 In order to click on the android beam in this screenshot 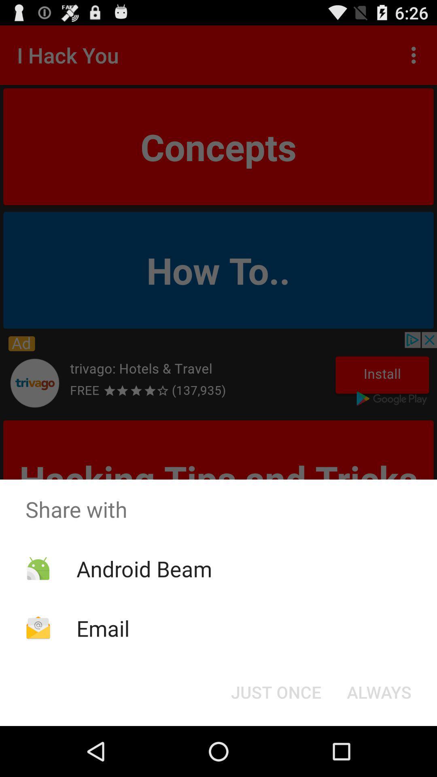, I will do `click(144, 568)`.